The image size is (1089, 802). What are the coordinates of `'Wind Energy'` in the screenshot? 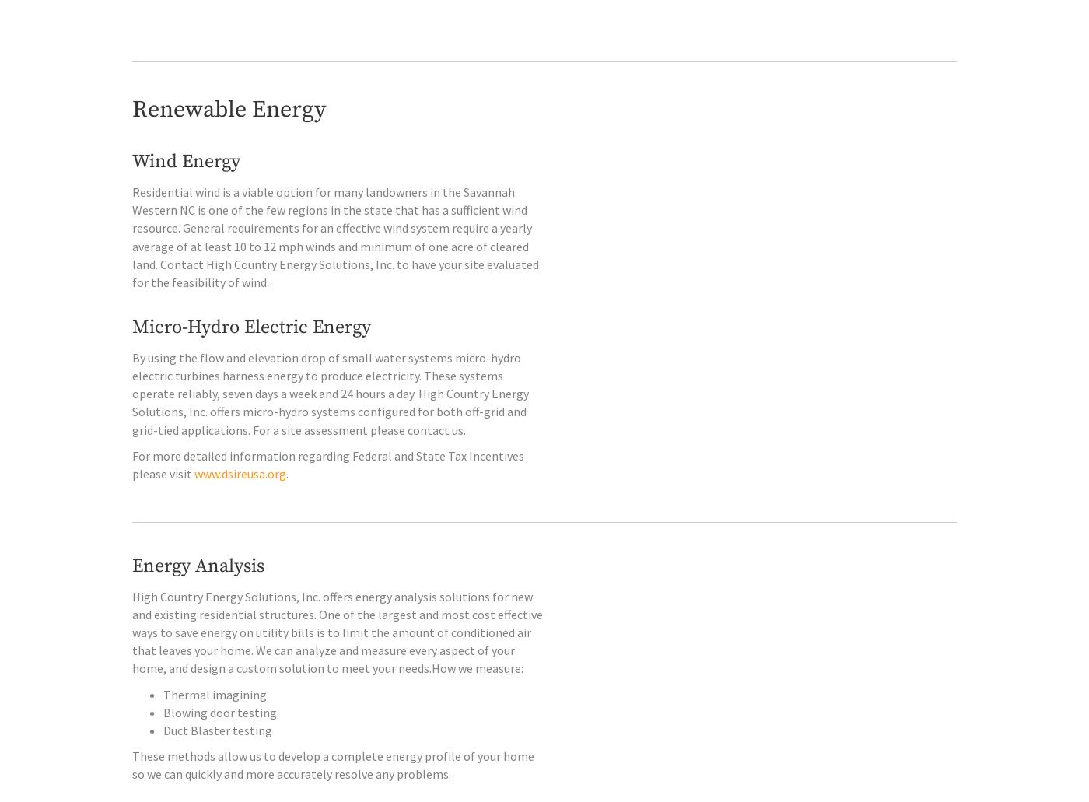 It's located at (186, 194).